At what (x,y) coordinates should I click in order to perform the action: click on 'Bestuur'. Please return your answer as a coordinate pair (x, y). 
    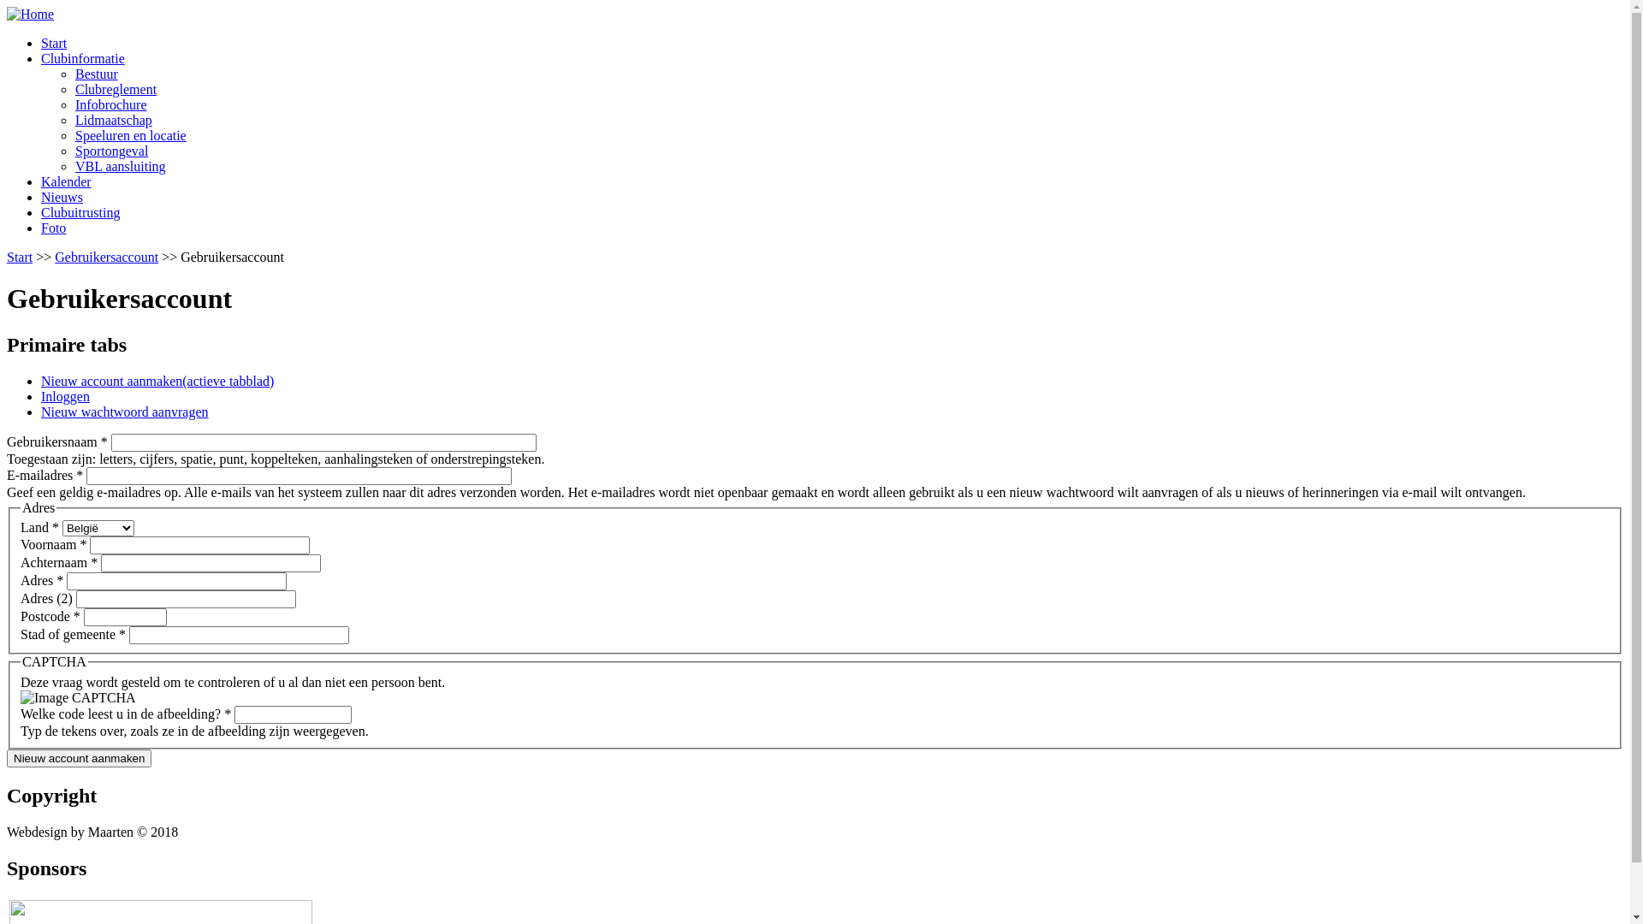
    Looking at the image, I should click on (96, 73).